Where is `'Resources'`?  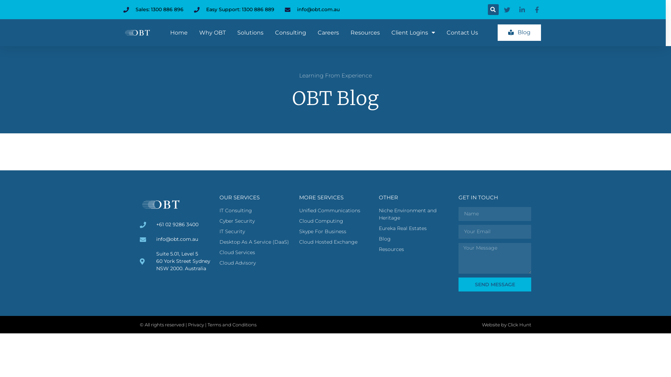
'Resources' is located at coordinates (365, 32).